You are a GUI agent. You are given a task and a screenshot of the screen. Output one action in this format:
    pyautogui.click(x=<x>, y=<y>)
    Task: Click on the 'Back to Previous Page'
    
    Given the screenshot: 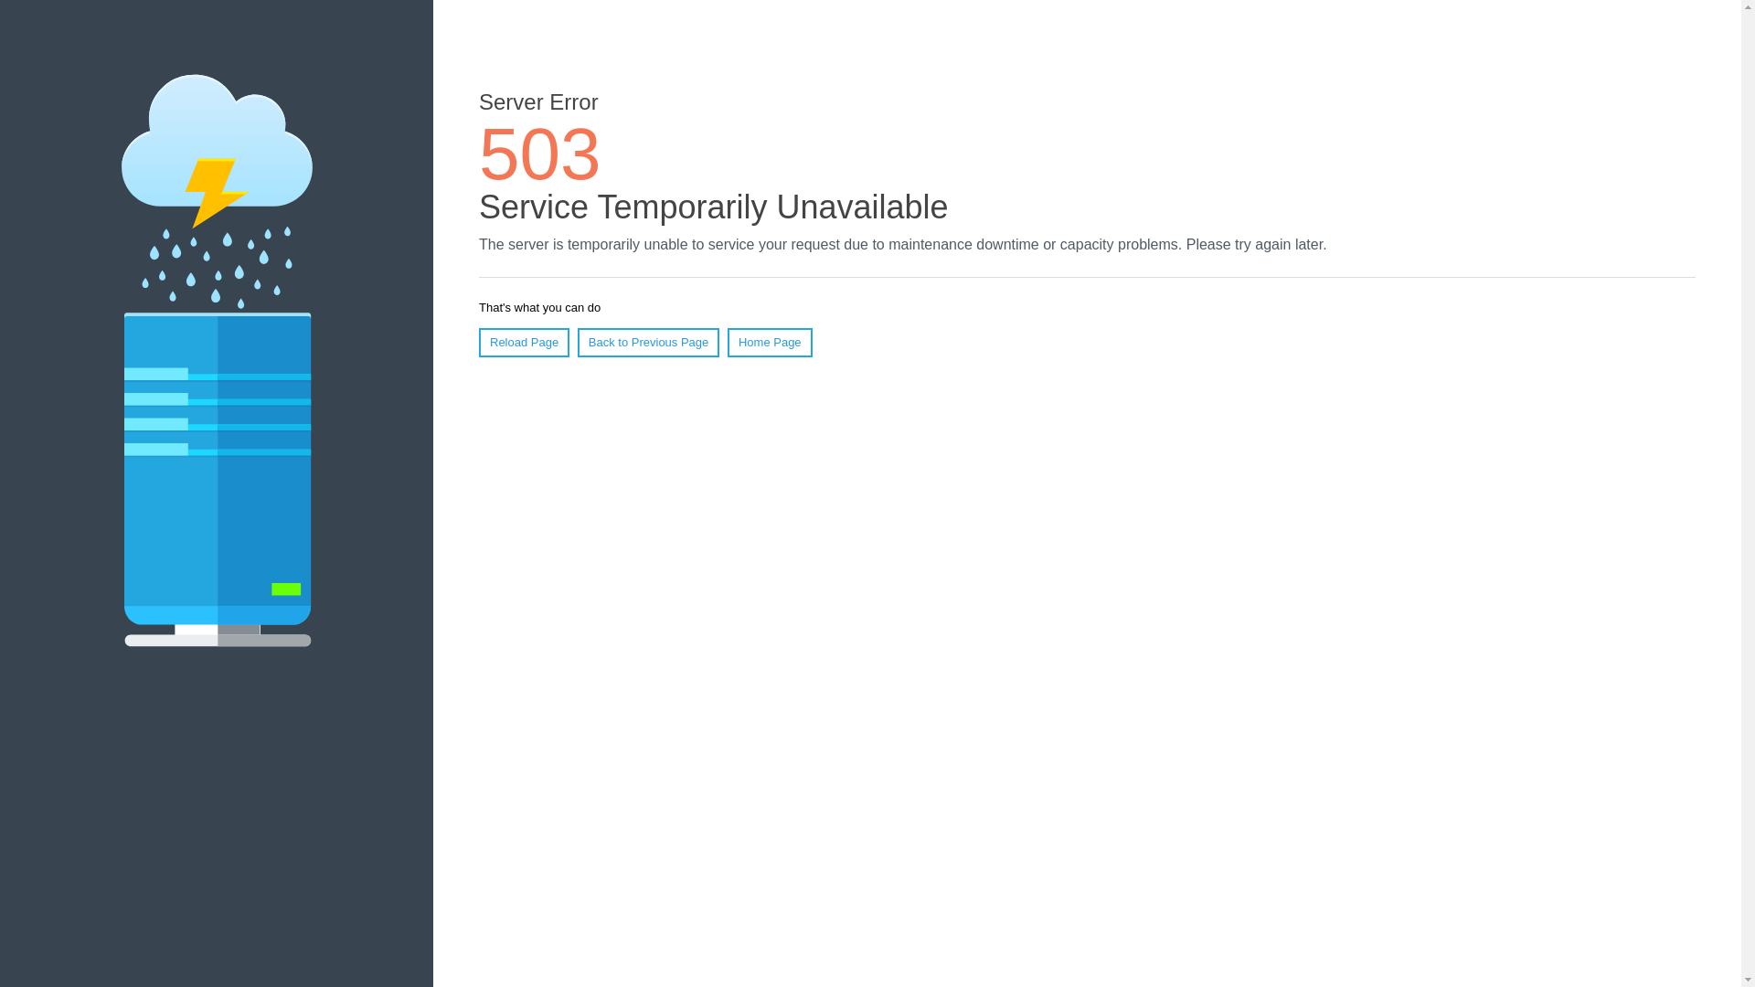 What is the action you would take?
    pyautogui.click(x=577, y=342)
    